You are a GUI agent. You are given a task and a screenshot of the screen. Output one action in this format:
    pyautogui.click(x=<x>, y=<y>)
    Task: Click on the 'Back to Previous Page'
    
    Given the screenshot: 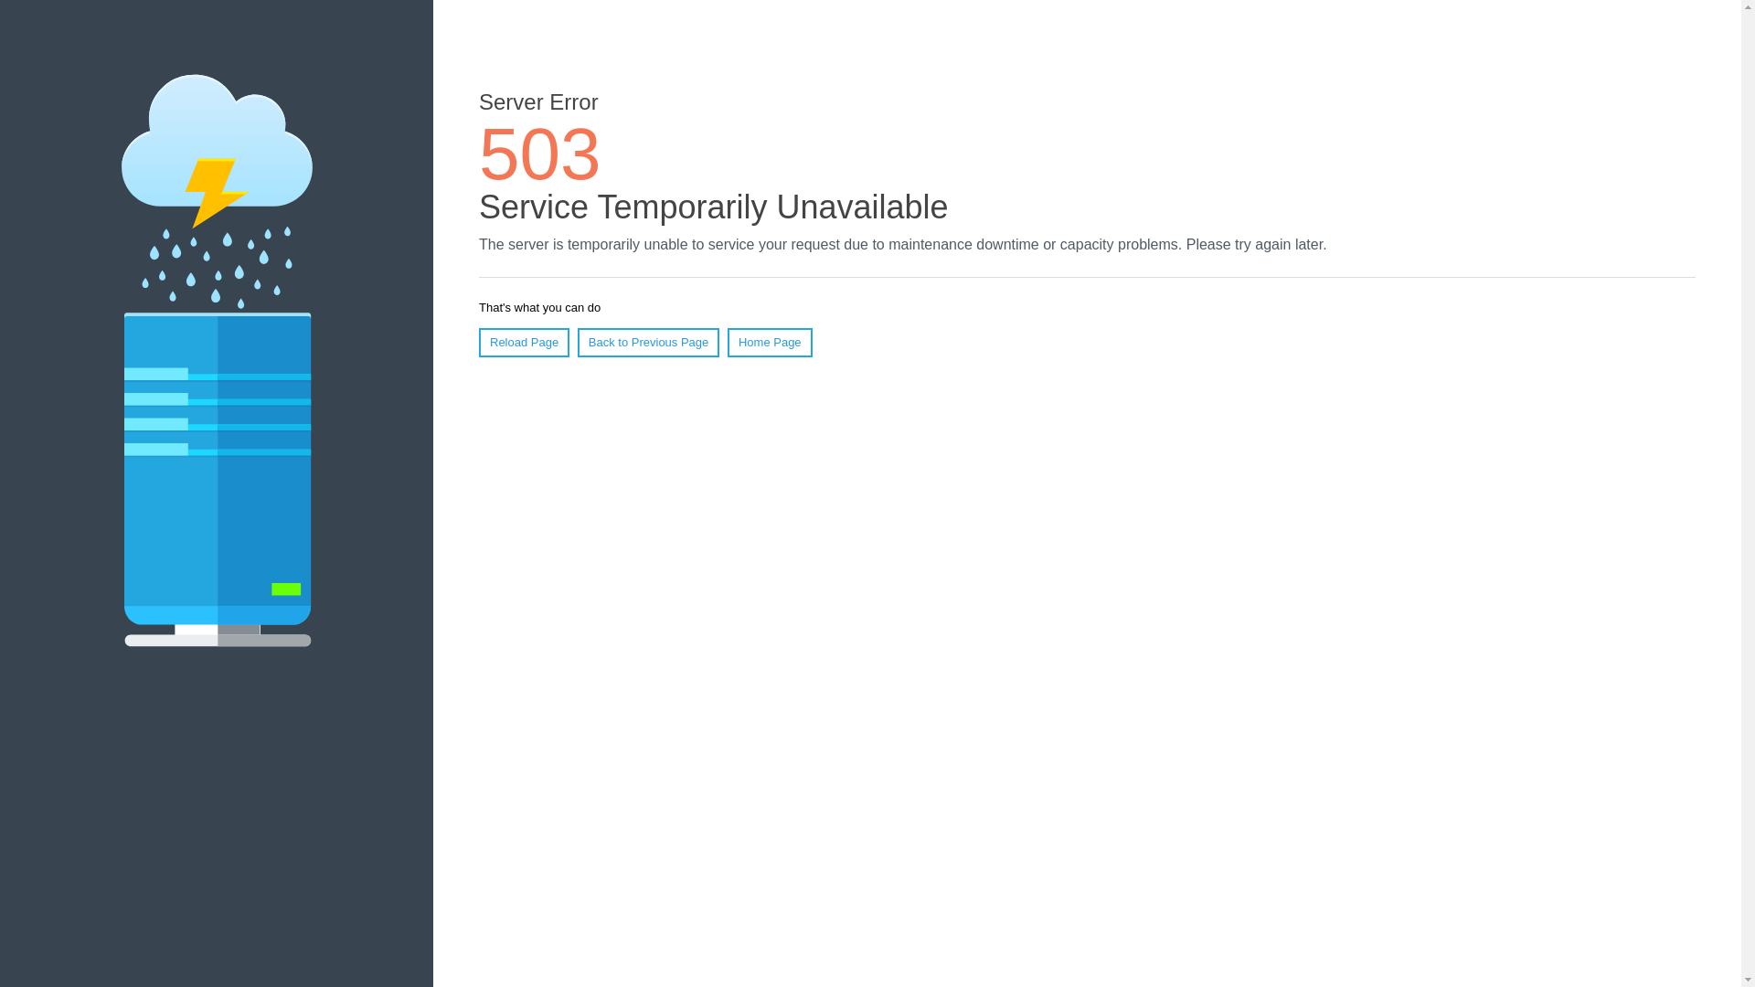 What is the action you would take?
    pyautogui.click(x=577, y=342)
    